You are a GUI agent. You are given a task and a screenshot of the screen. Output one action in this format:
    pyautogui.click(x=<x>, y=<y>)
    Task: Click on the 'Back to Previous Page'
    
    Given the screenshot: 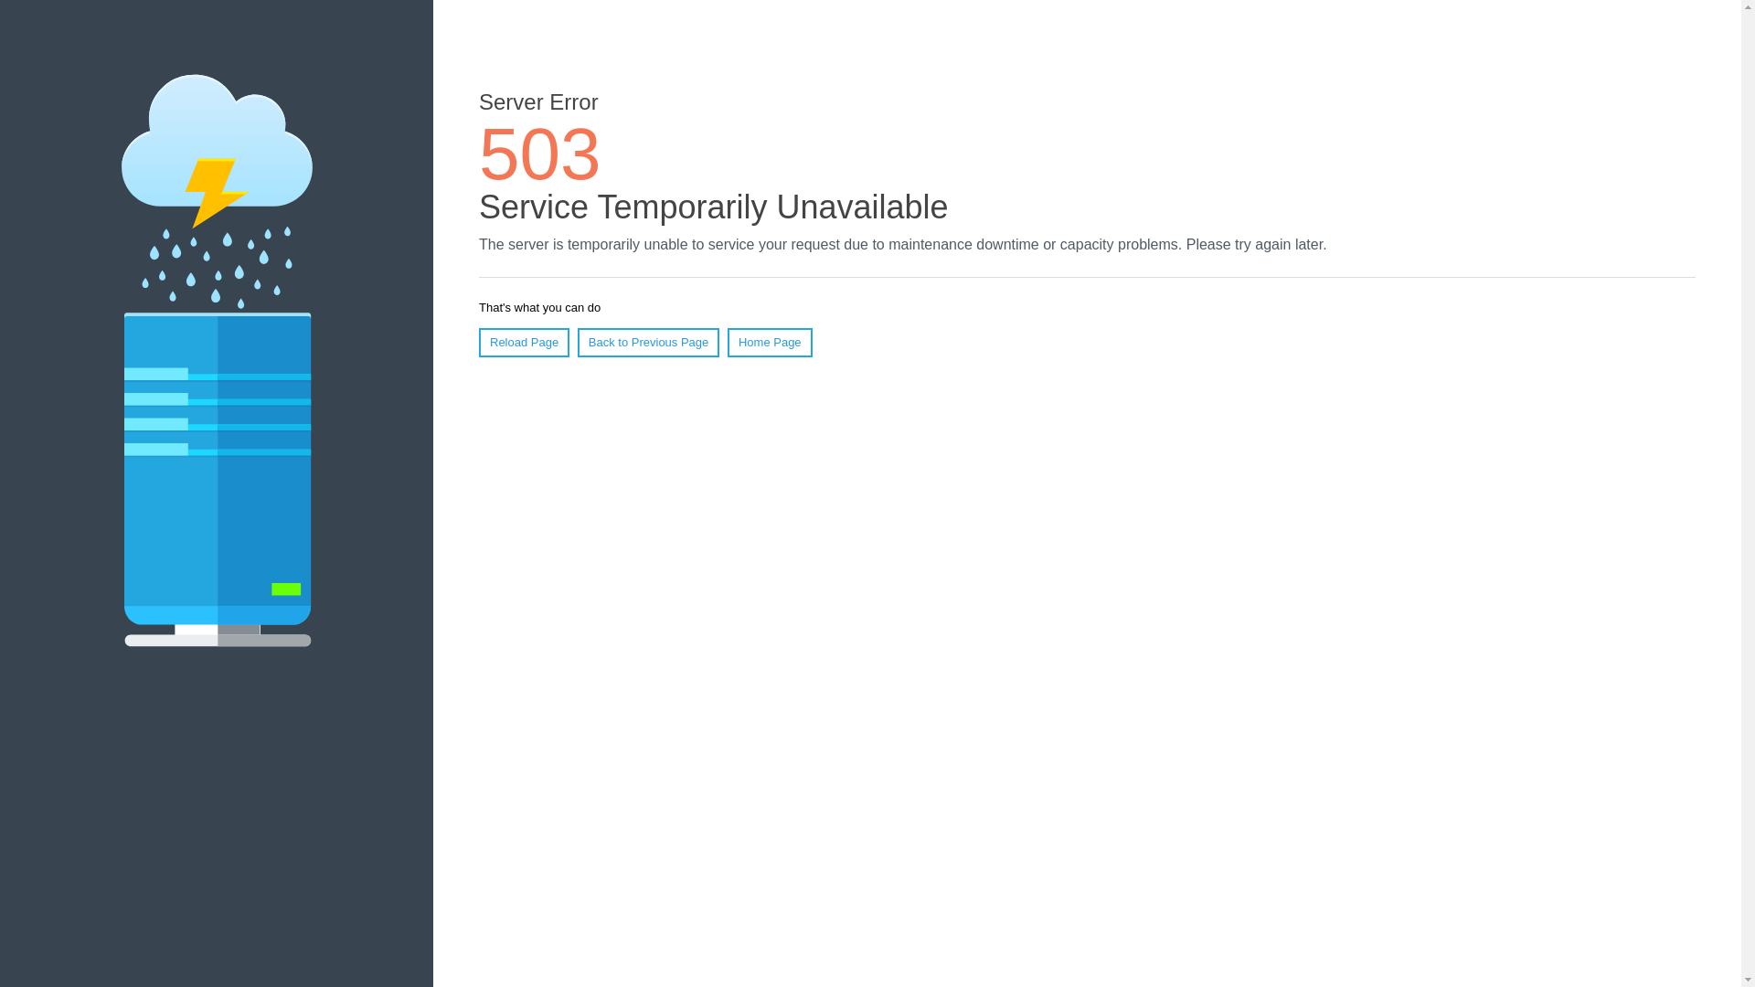 What is the action you would take?
    pyautogui.click(x=577, y=342)
    